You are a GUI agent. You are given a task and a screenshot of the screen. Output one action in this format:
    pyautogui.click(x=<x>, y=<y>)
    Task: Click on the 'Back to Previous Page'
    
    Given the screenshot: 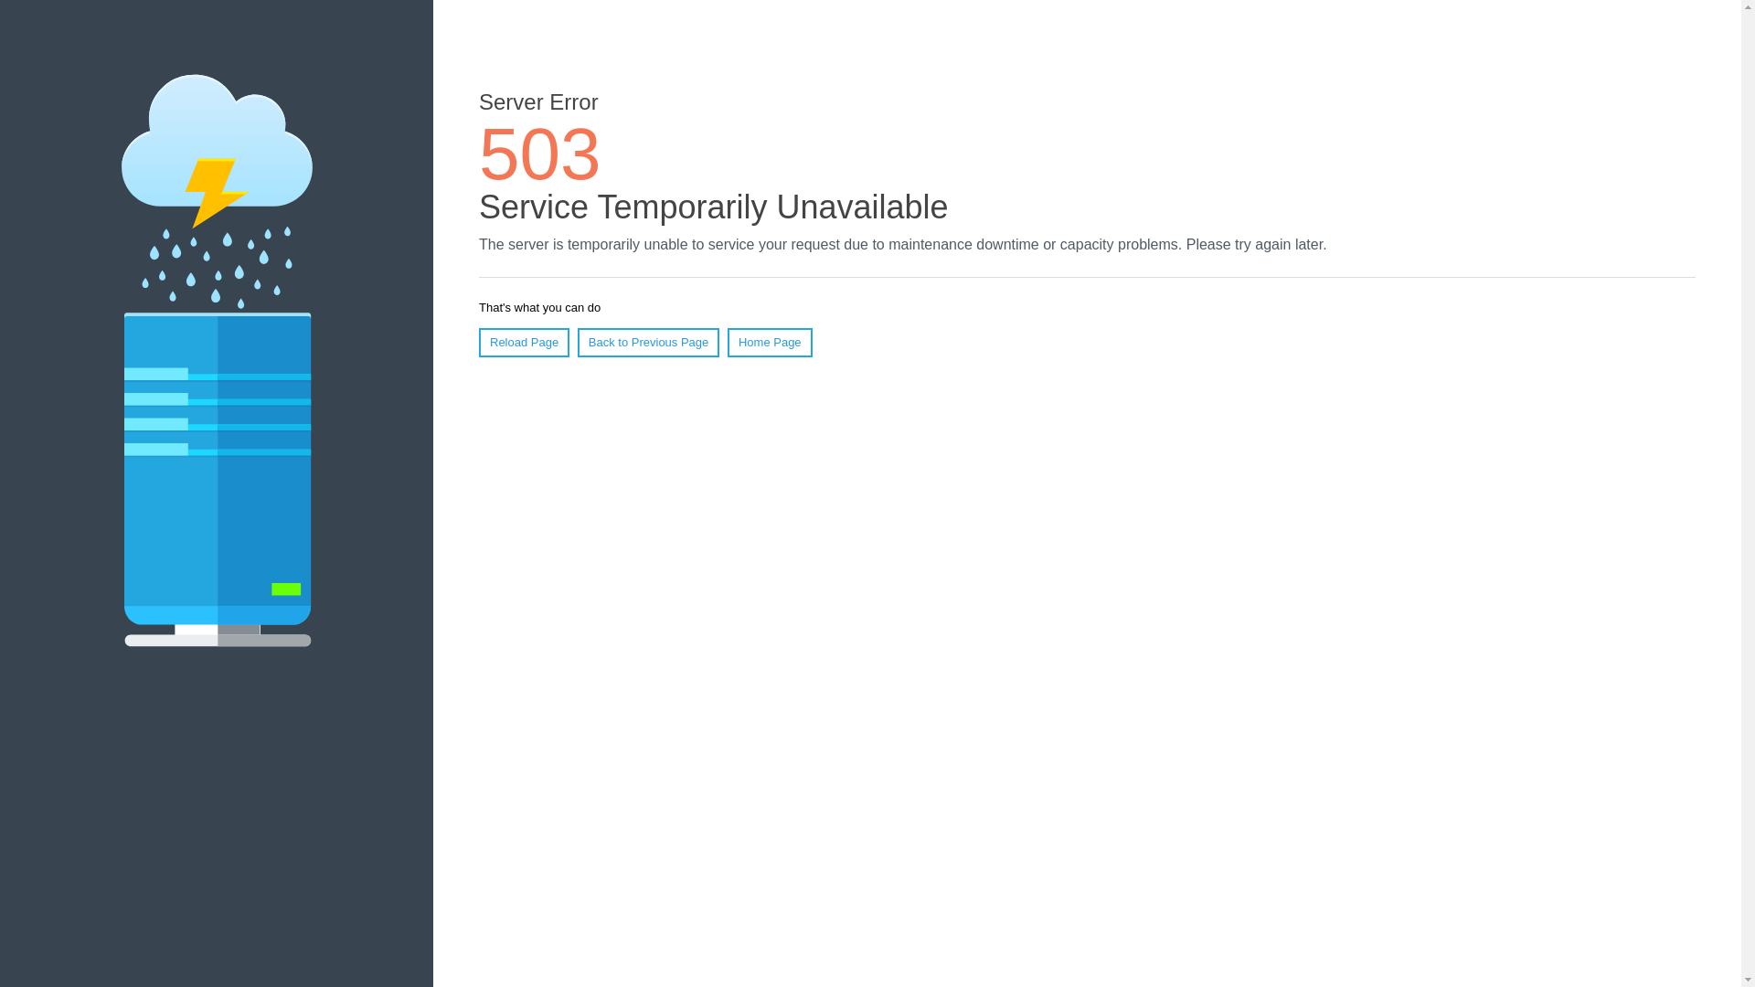 What is the action you would take?
    pyautogui.click(x=577, y=342)
    